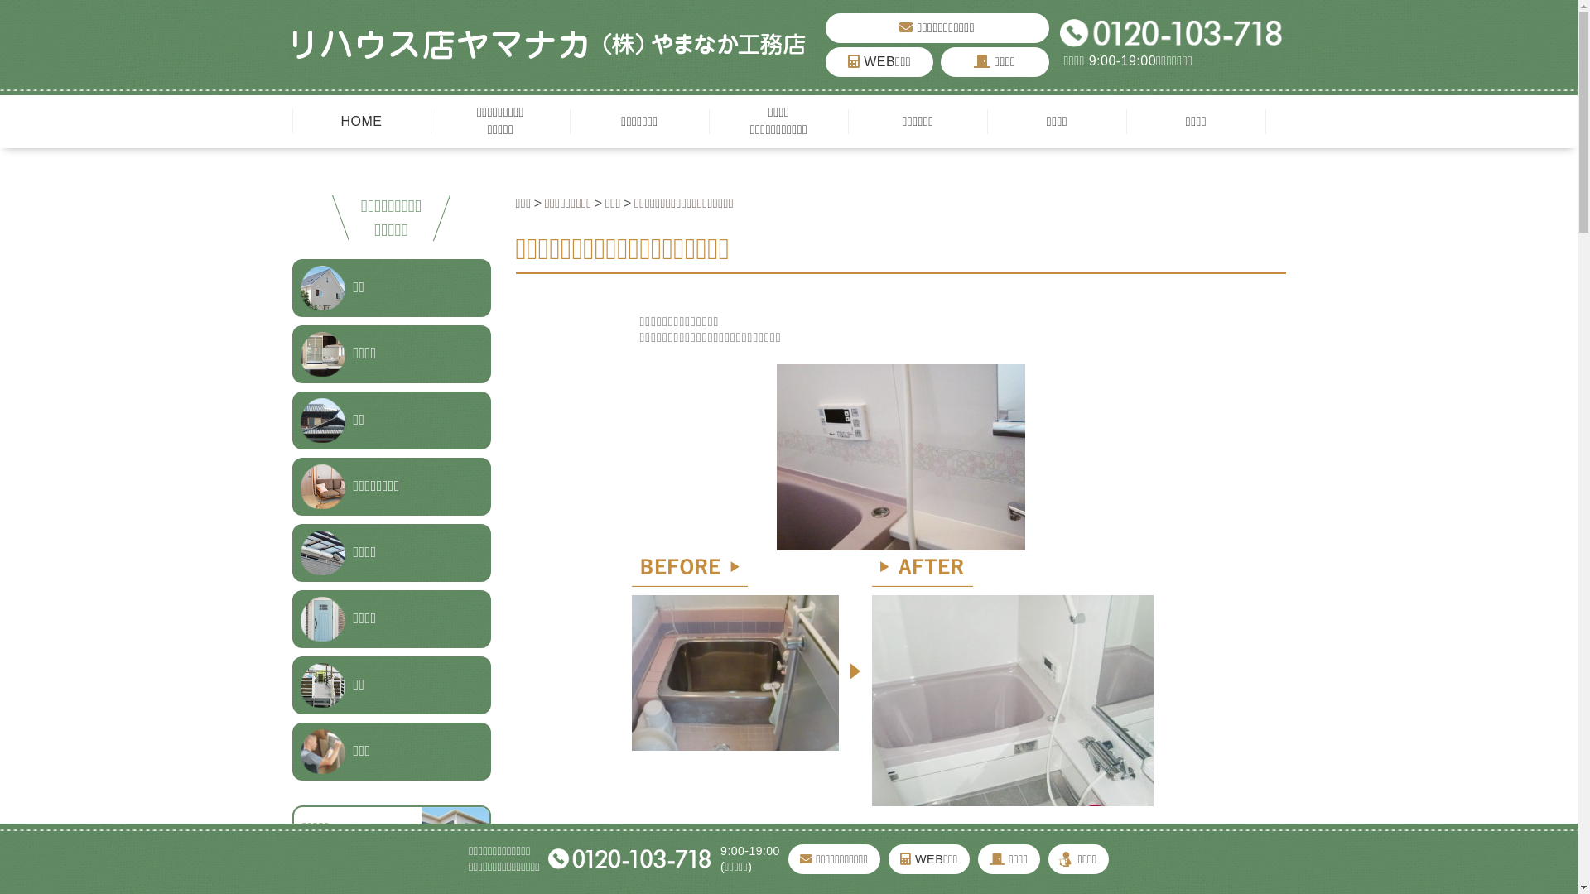 This screenshot has width=1590, height=894. What do you see at coordinates (360, 120) in the screenshot?
I see `'HOME'` at bounding box center [360, 120].